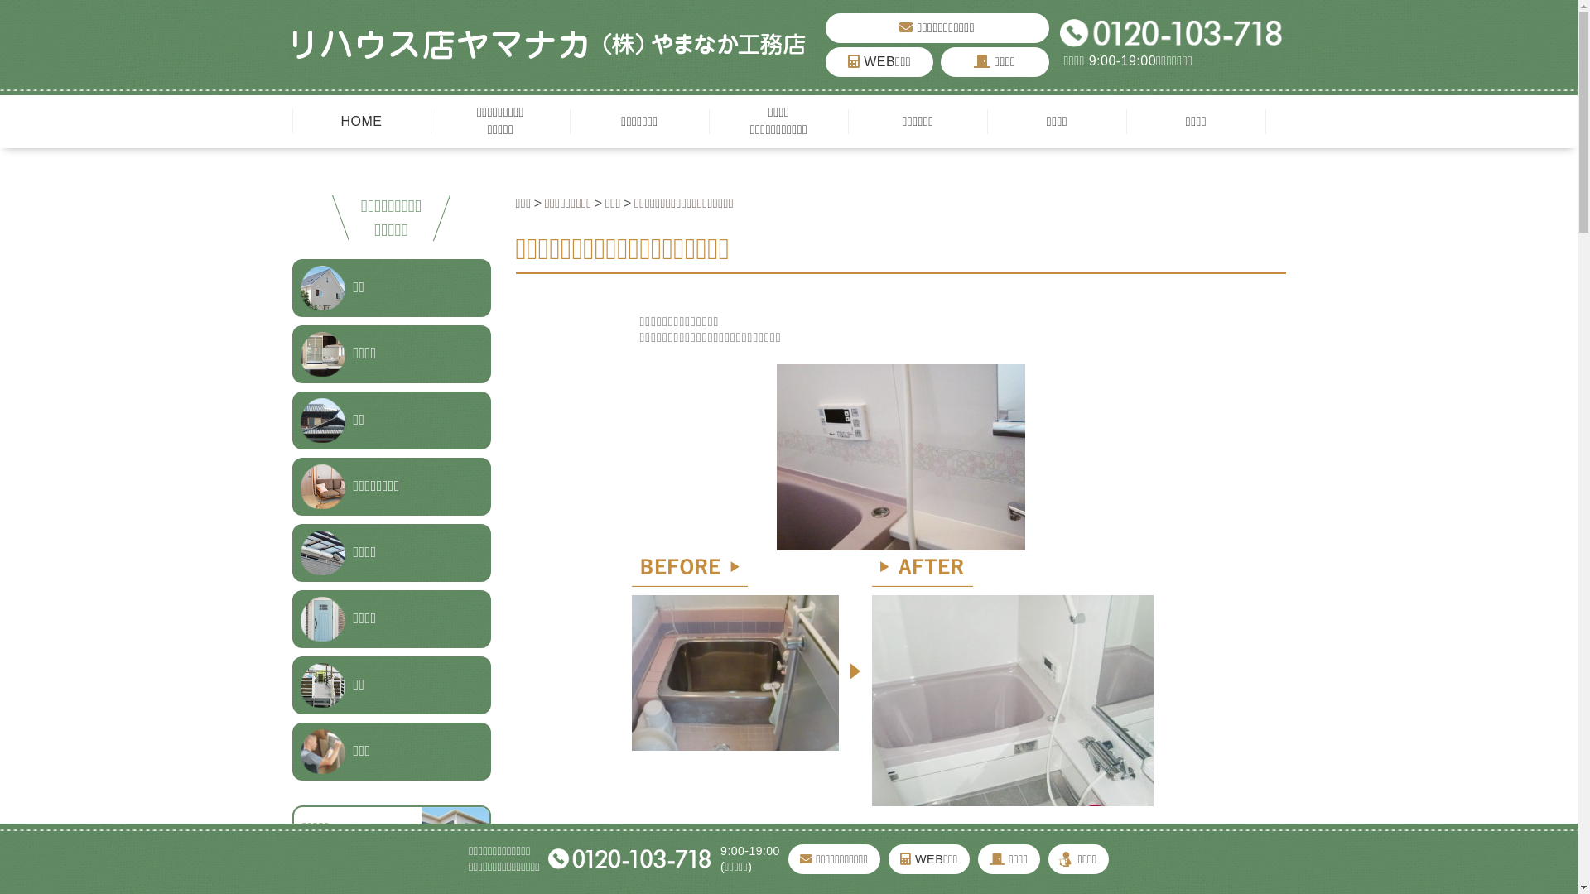 This screenshot has width=1590, height=894. What do you see at coordinates (360, 120) in the screenshot?
I see `'HOME'` at bounding box center [360, 120].